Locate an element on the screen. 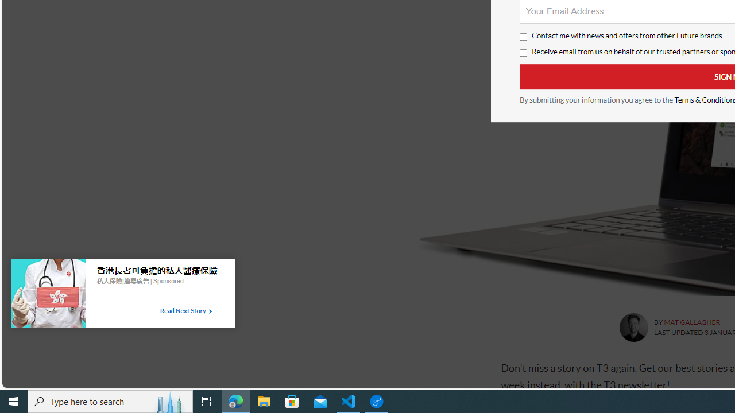  'Image for Taboola Advertising Unit' is located at coordinates (48, 295).